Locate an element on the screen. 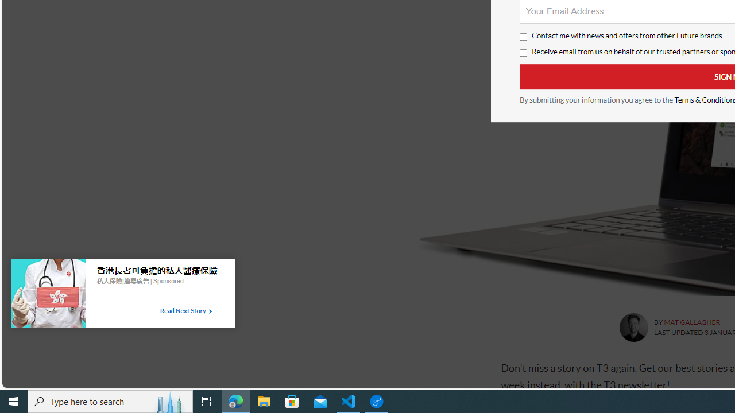  'Image for Taboola Advertising Unit' is located at coordinates (48, 295).